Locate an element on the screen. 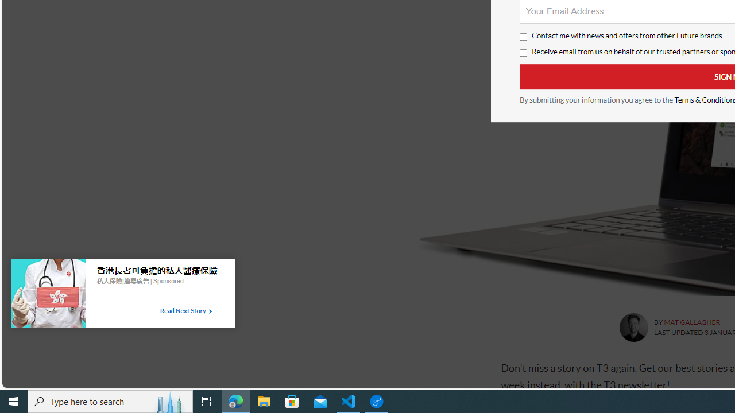  'Image for Taboola Advertising Unit' is located at coordinates (48, 295).